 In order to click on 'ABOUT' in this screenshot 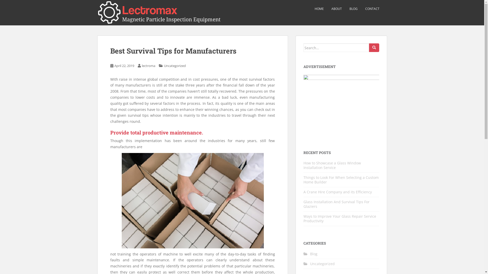, I will do `click(337, 9)`.